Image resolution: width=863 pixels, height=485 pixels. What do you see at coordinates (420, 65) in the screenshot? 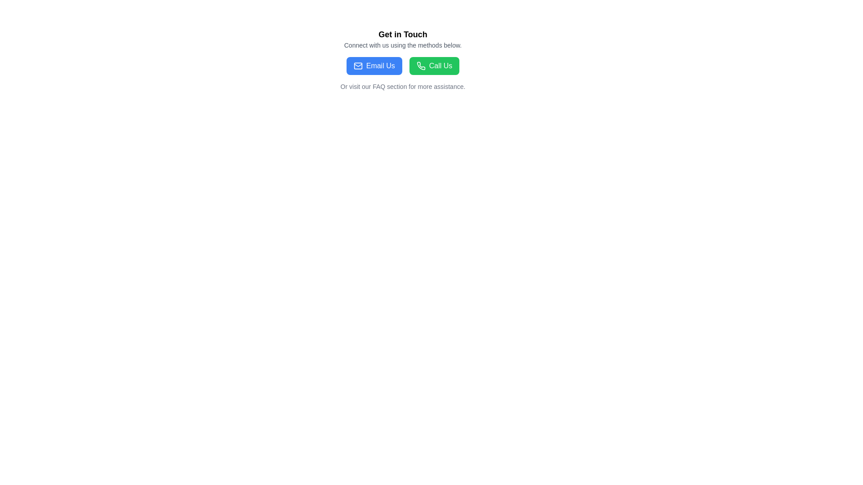
I see `the phone icon, which is styled as a vector graphic in white against a green circular background, located next to the 'Call Us' button` at bounding box center [420, 65].